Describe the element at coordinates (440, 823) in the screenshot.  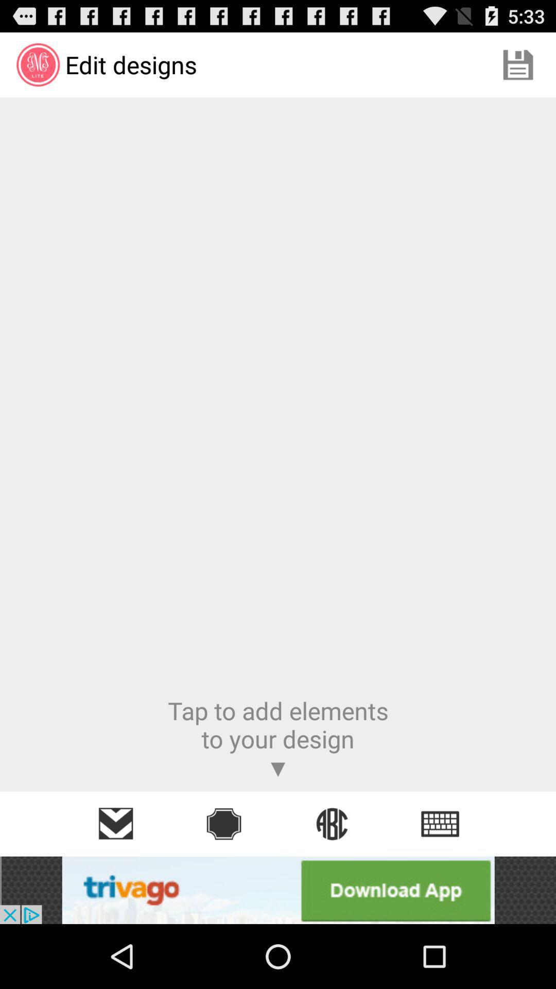
I see `the description icon` at that location.